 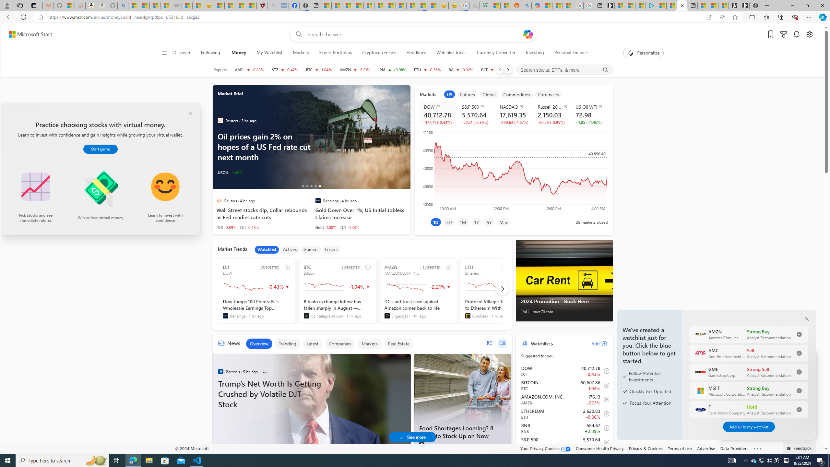 What do you see at coordinates (645, 448) in the screenshot?
I see `'Privacy & Cookies'` at bounding box center [645, 448].